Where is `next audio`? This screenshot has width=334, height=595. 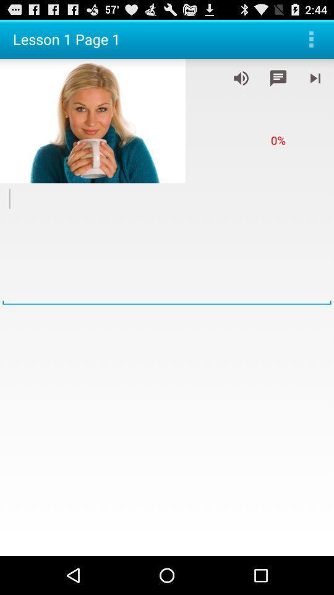 next audio is located at coordinates (315, 77).